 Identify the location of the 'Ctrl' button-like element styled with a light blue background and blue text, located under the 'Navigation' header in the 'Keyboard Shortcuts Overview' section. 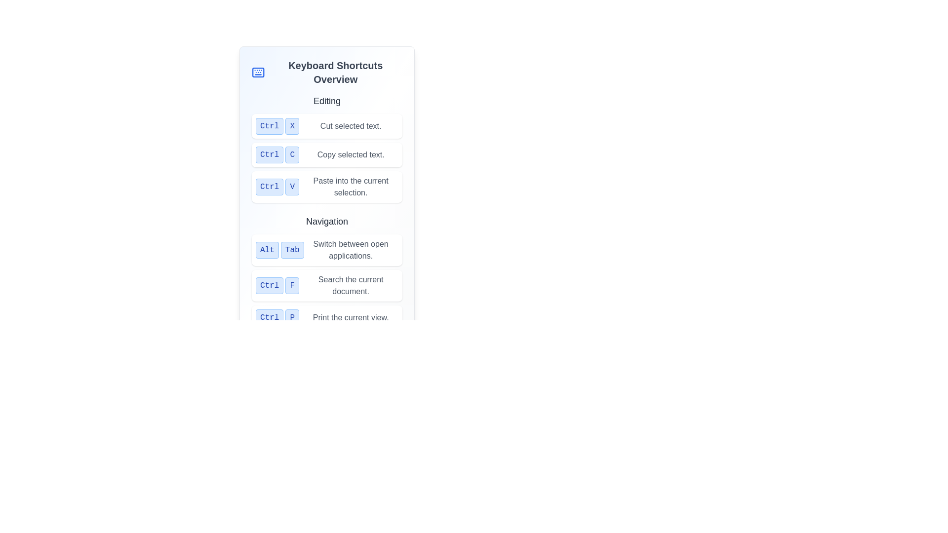
(270, 318).